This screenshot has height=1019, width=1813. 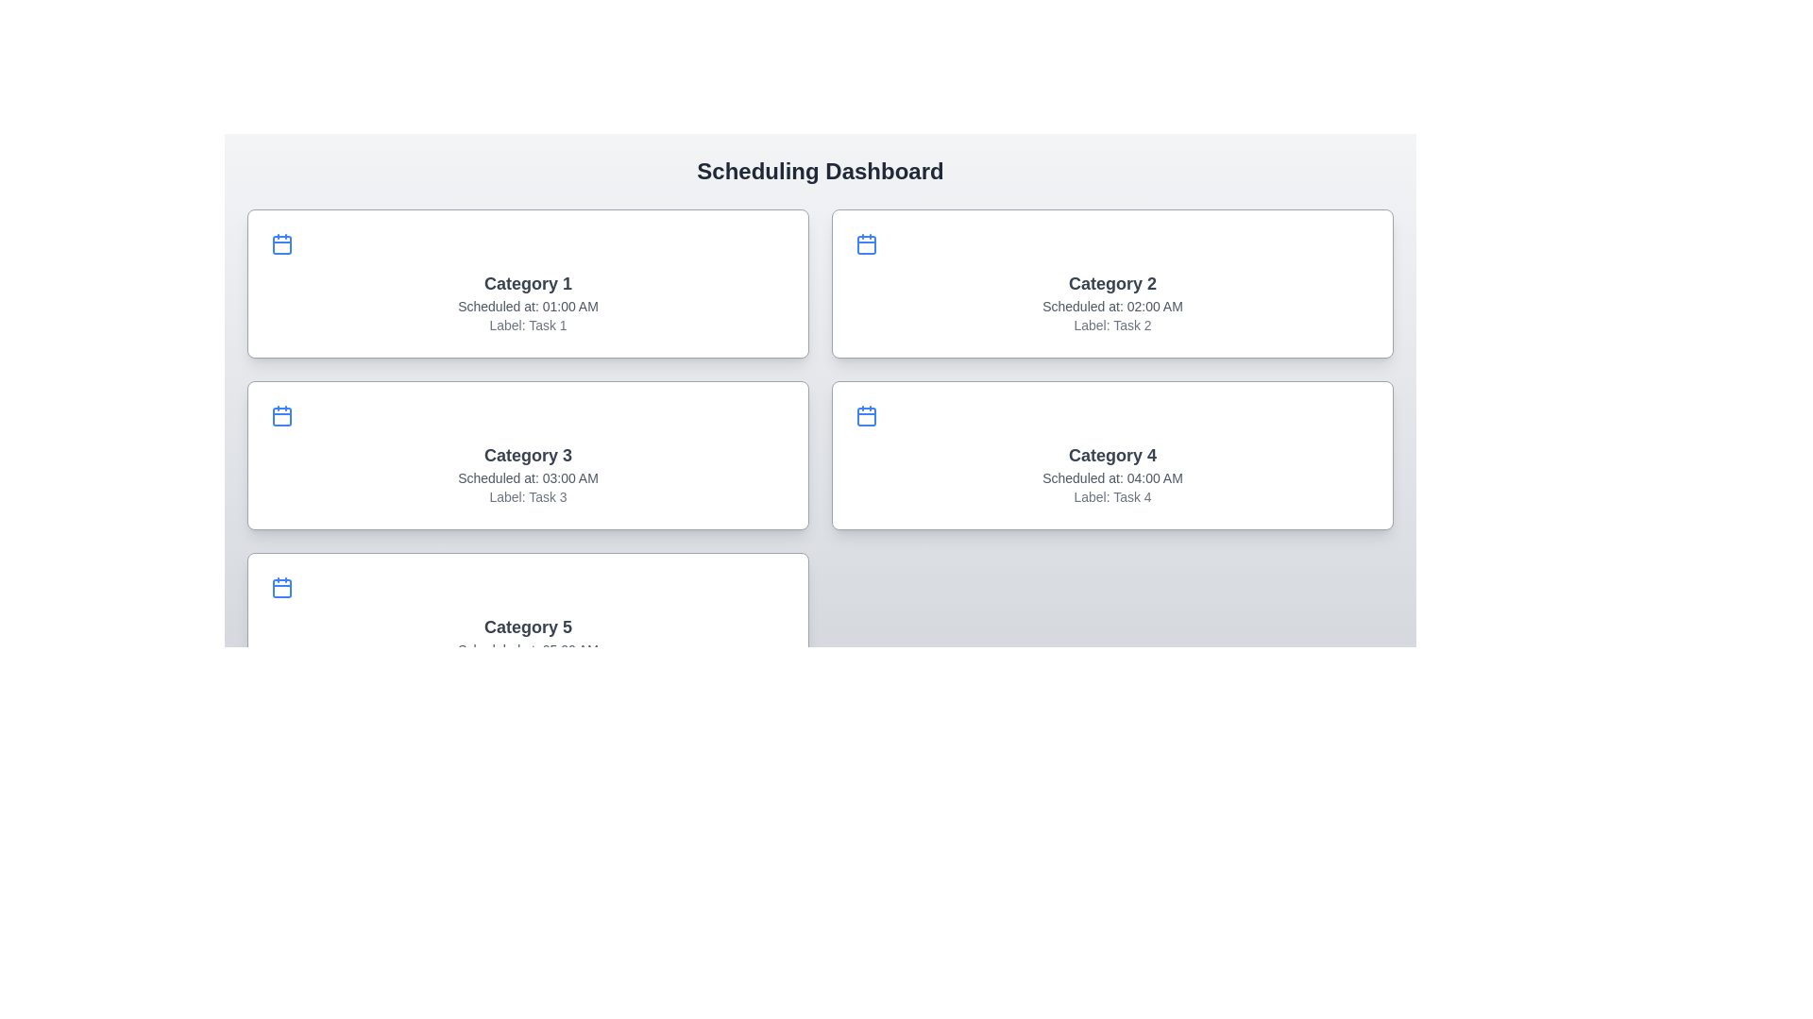 What do you see at coordinates (280, 414) in the screenshot?
I see `the calendar icon located at the top-left of the 'Category 3' card, which serves as a visual indicator for scheduling` at bounding box center [280, 414].